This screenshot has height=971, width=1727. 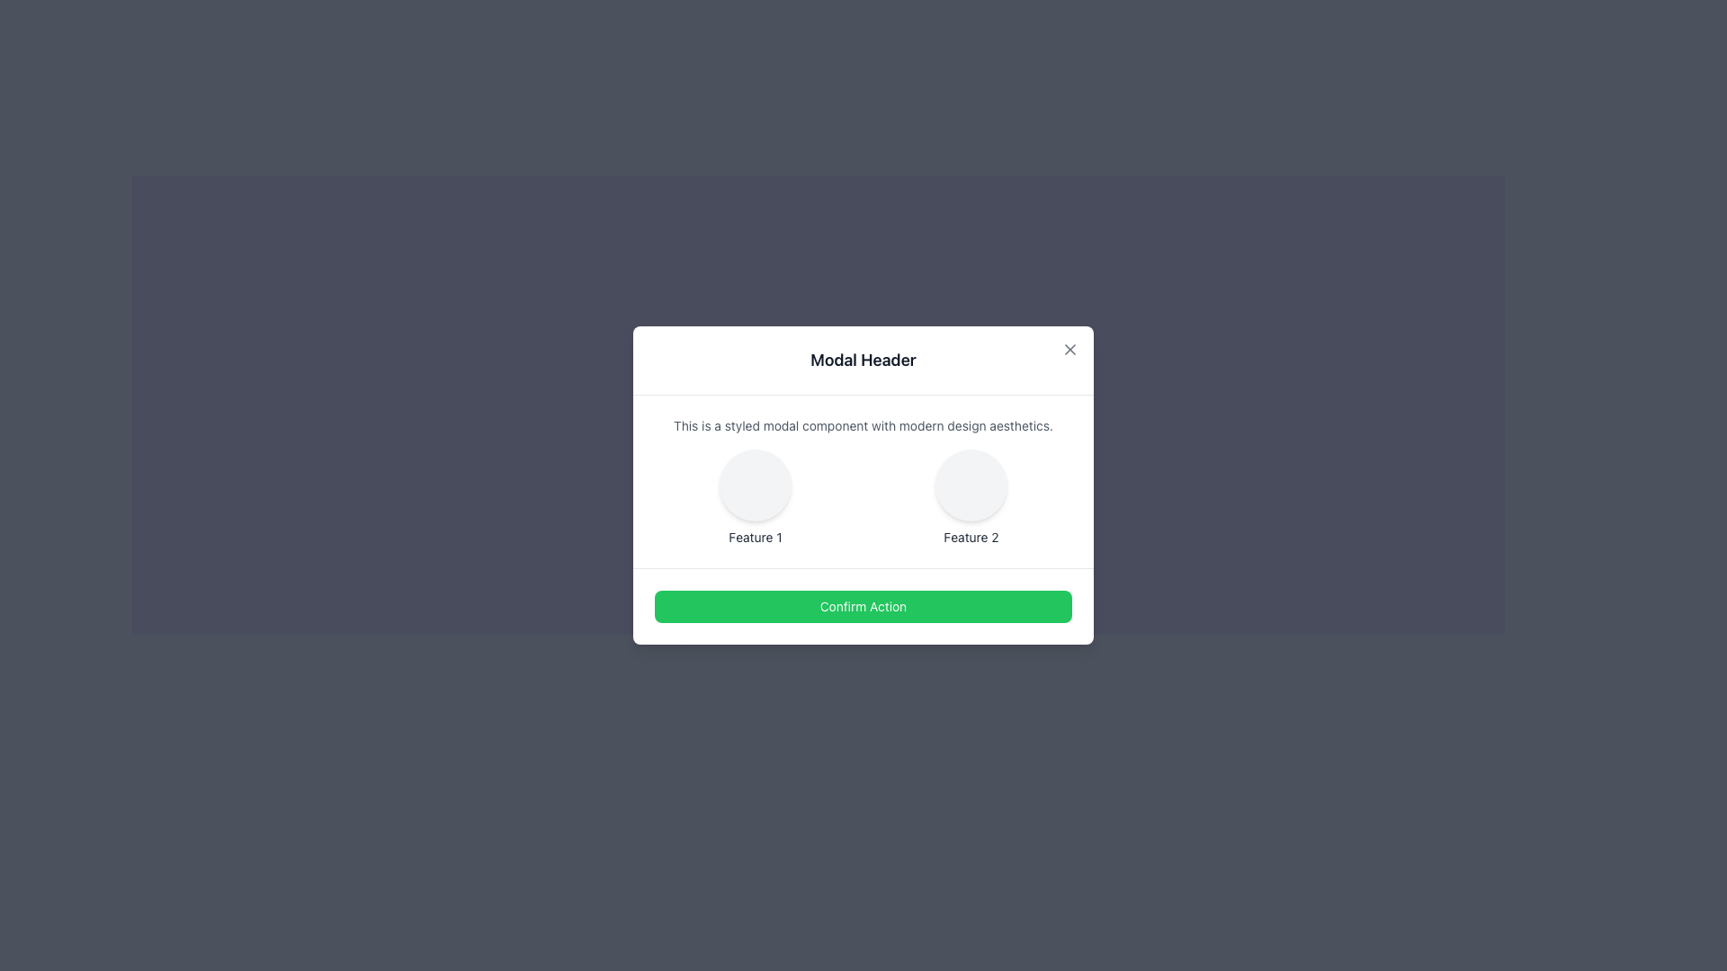 I want to click on text of the title label positioned at the top of the modal, which indicates the modal's purpose, so click(x=863, y=361).